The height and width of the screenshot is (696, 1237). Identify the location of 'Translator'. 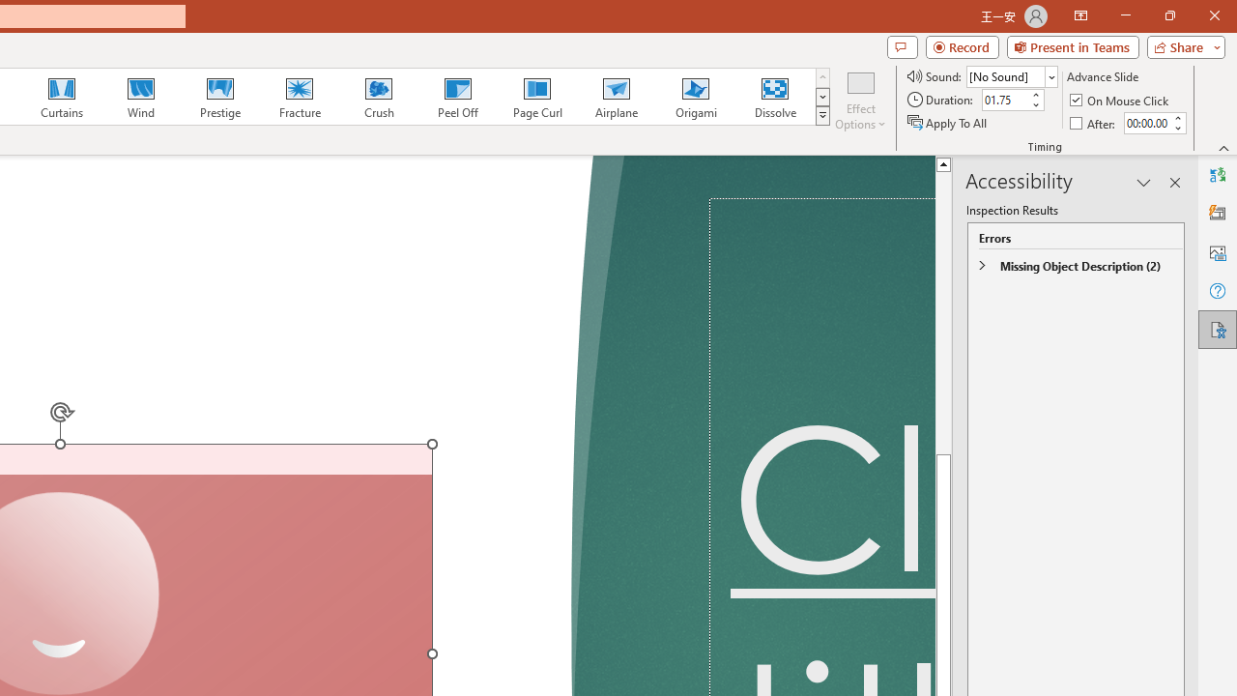
(1217, 175).